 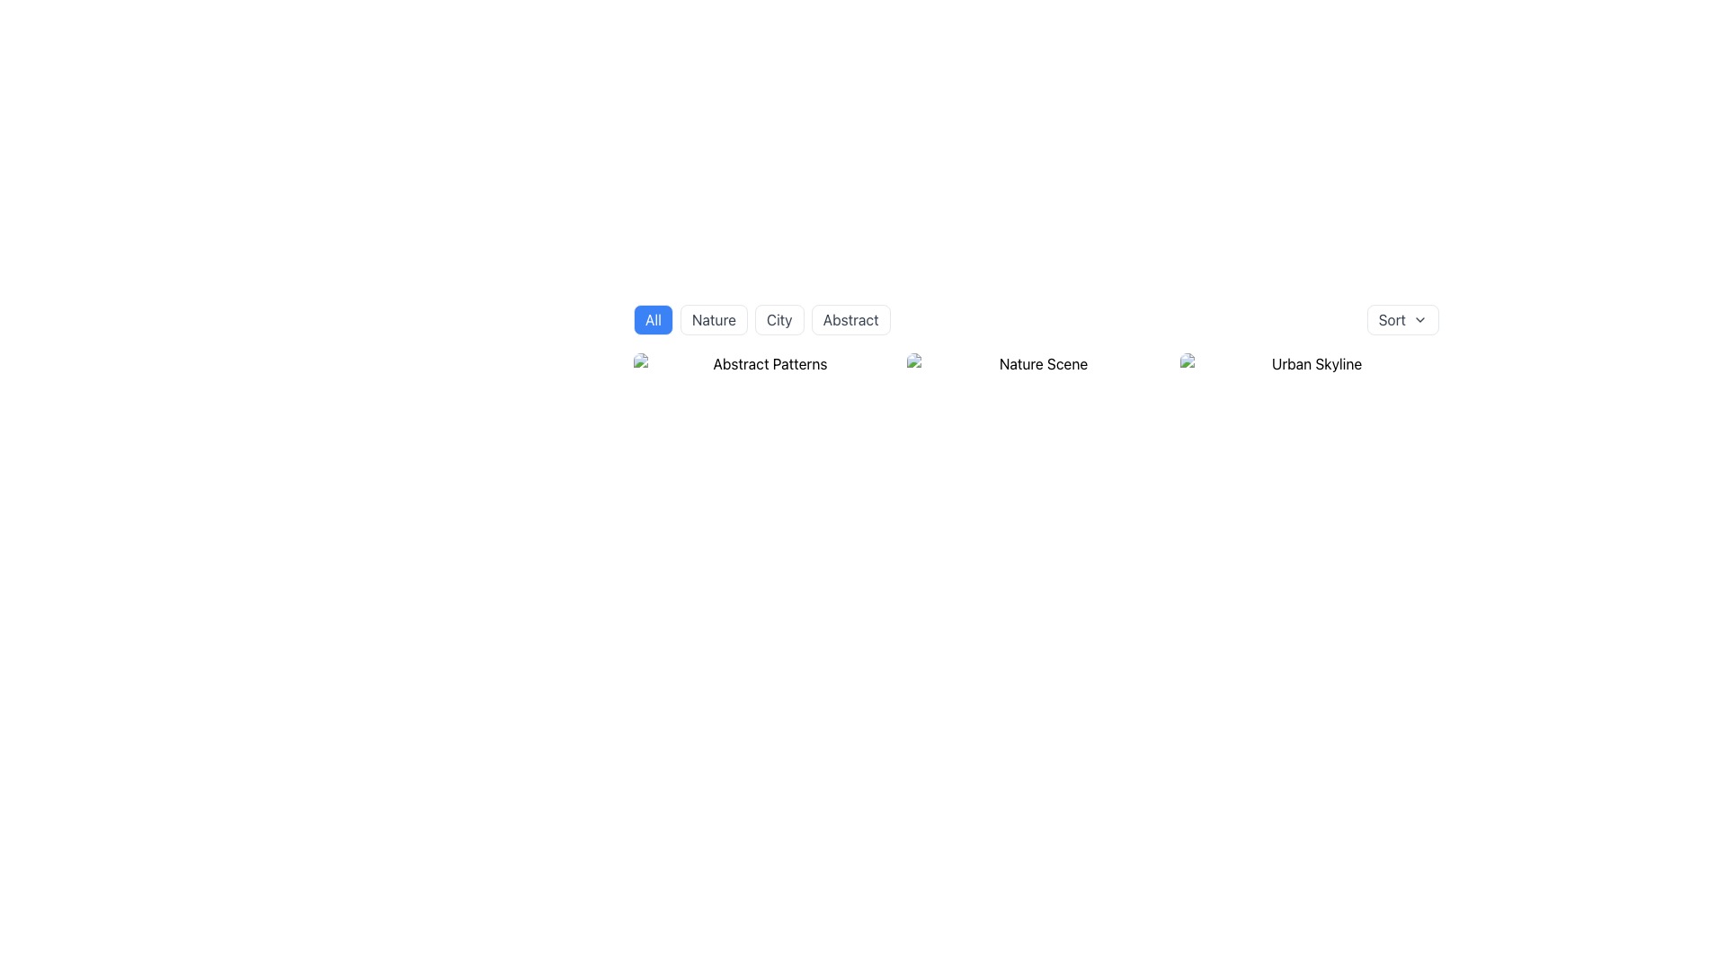 I want to click on the Thumbnail item that previews nature content, located between 'Abstract Patterns' and 'Urban Skyline', so click(x=1036, y=364).